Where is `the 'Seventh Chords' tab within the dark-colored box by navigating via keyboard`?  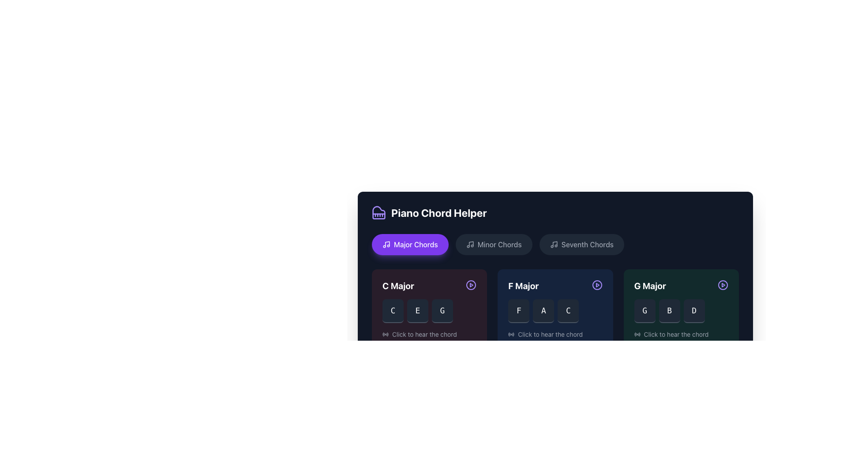 the 'Seventh Chords' tab within the dark-colored box by navigating via keyboard is located at coordinates (556, 260).